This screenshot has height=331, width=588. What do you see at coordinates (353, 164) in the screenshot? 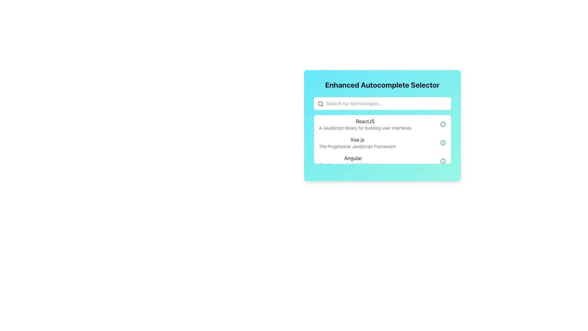
I see `the text label that provides a description complementing the title 'Angular', located directly beneath it within a list of items` at bounding box center [353, 164].